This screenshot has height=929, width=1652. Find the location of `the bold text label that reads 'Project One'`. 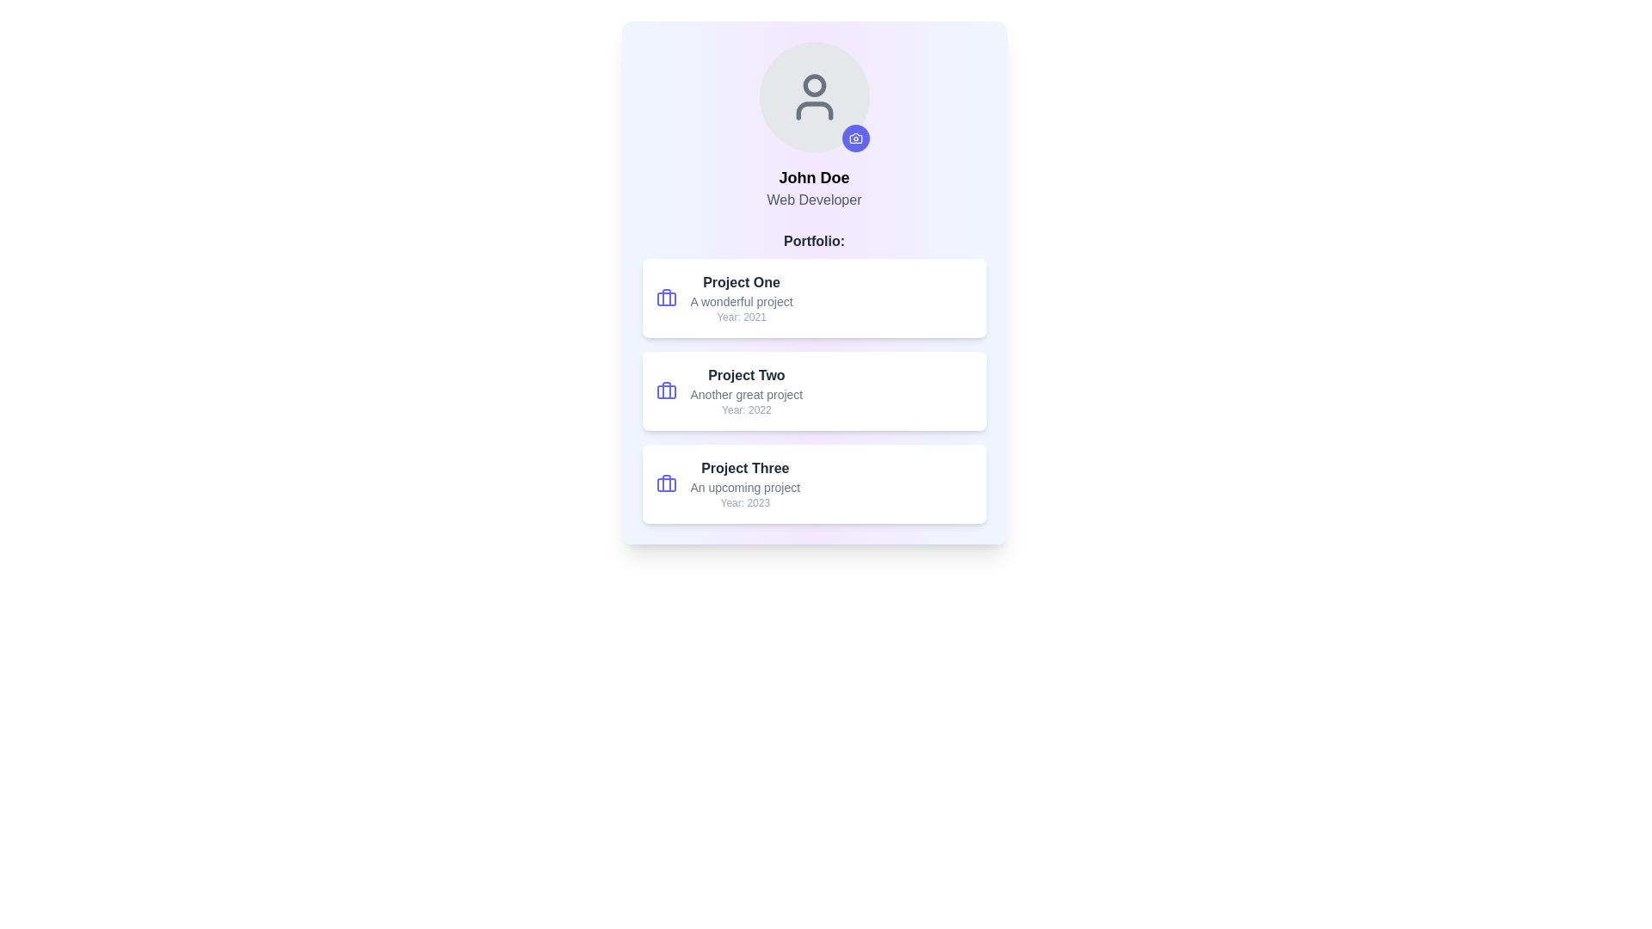

the bold text label that reads 'Project One' is located at coordinates (742, 281).